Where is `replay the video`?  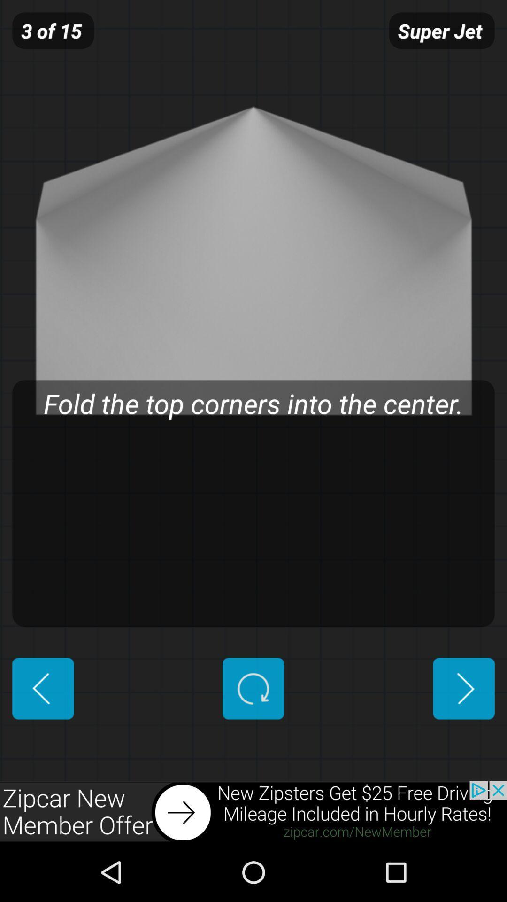
replay the video is located at coordinates (253, 688).